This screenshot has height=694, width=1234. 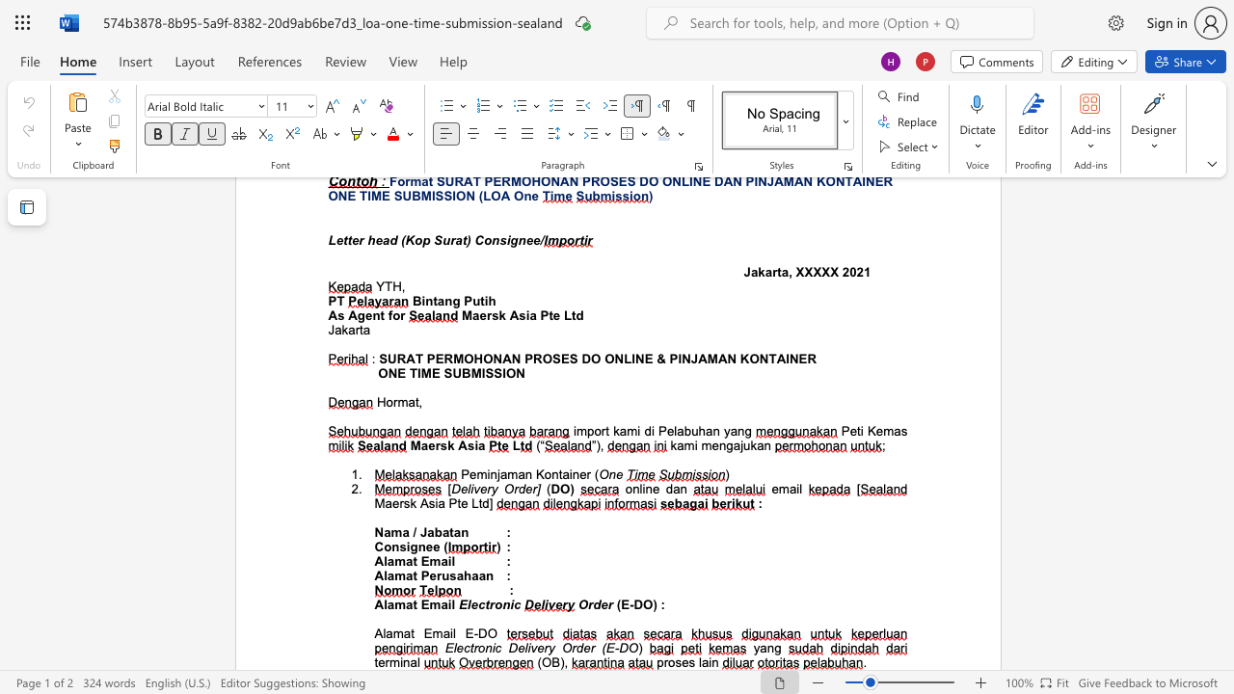 I want to click on the subset text "inal" within the text "terminal", so click(x=399, y=661).